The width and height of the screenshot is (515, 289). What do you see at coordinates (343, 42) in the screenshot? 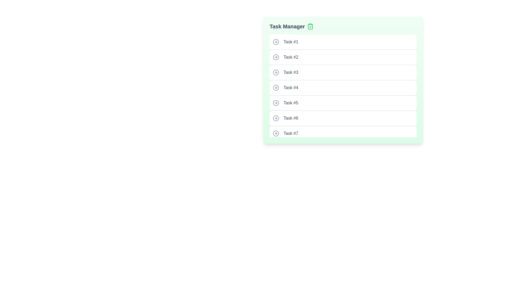
I see `the task labeled Task #1` at bounding box center [343, 42].